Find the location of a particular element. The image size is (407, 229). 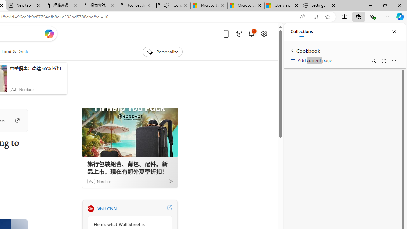

'Open settings' is located at coordinates (264, 33).